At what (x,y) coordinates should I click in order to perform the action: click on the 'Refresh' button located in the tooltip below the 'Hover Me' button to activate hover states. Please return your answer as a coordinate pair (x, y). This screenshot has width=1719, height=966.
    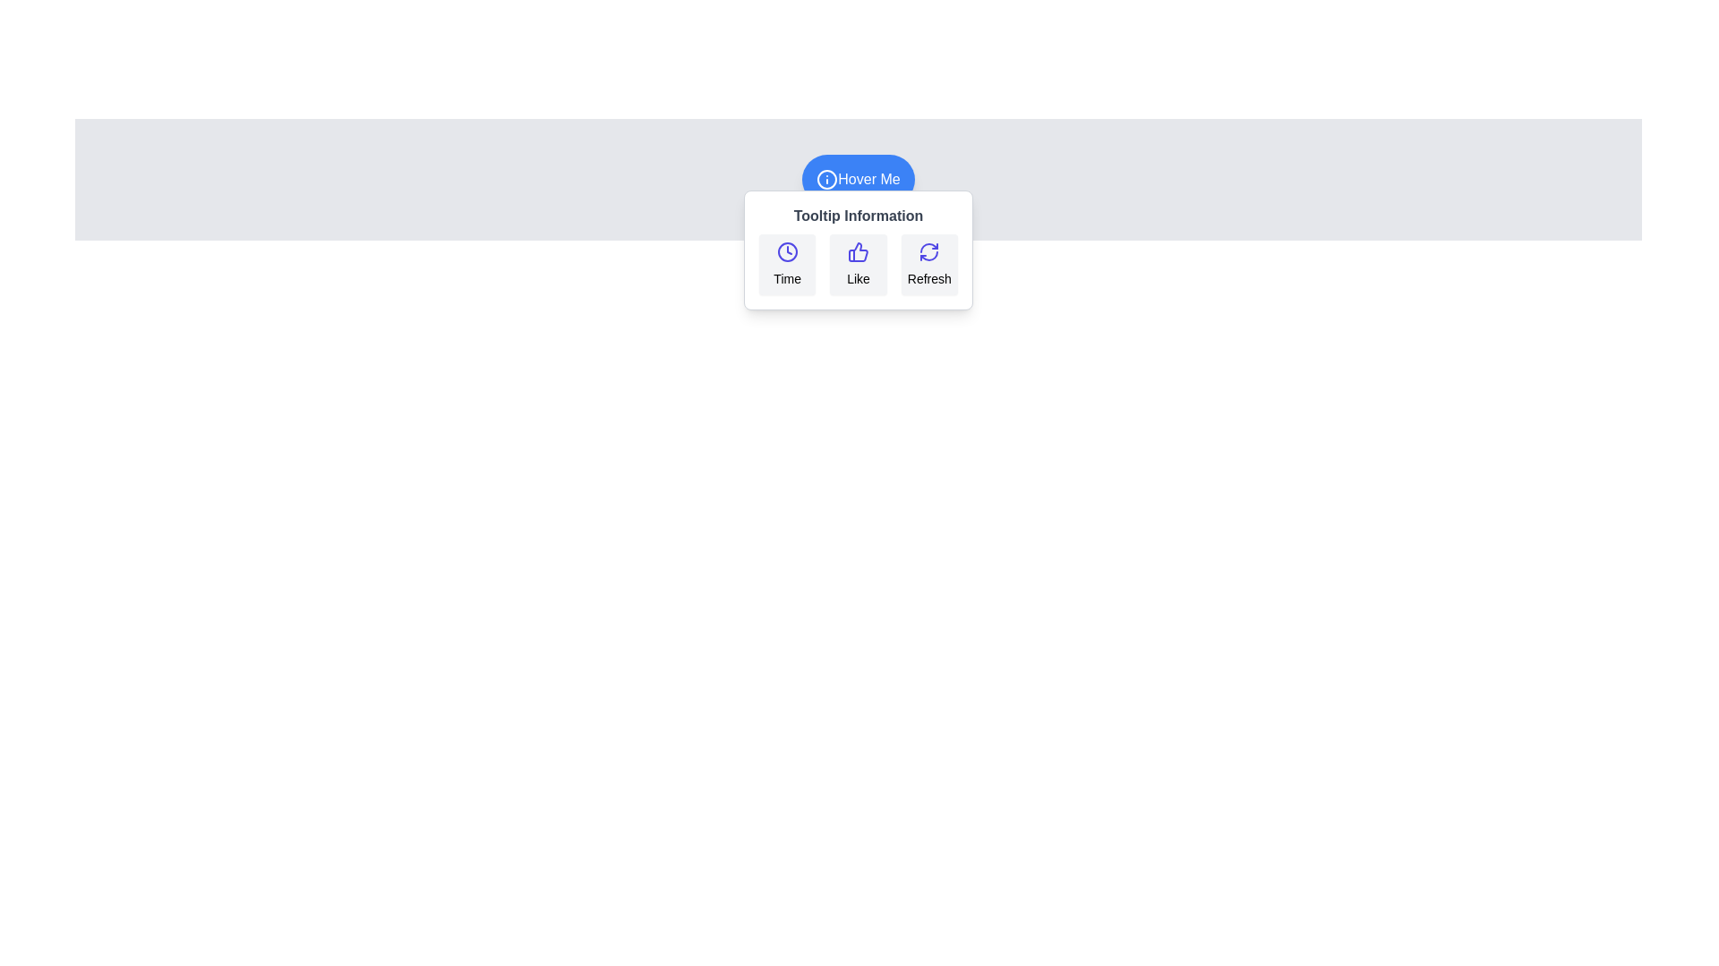
    Looking at the image, I should click on (929, 265).